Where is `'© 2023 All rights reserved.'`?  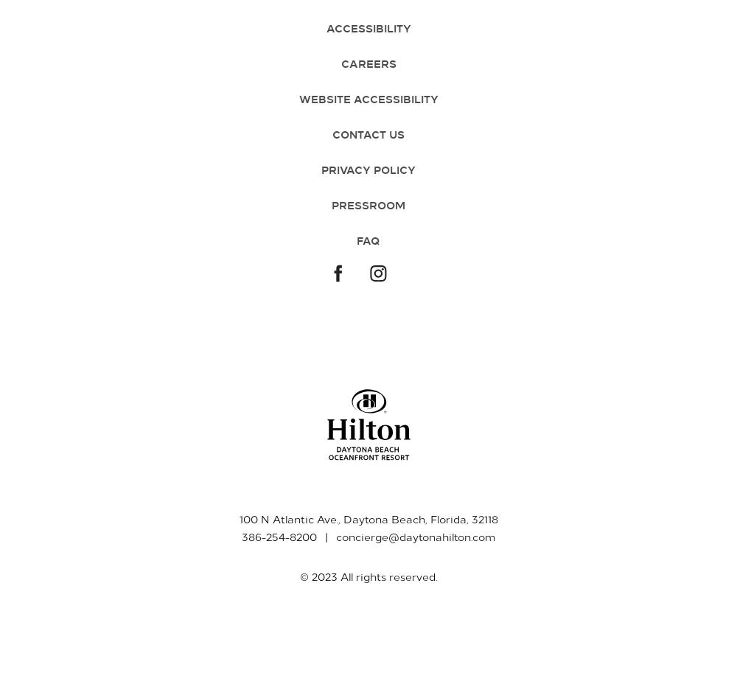 '© 2023 All rights reserved.' is located at coordinates (368, 576).